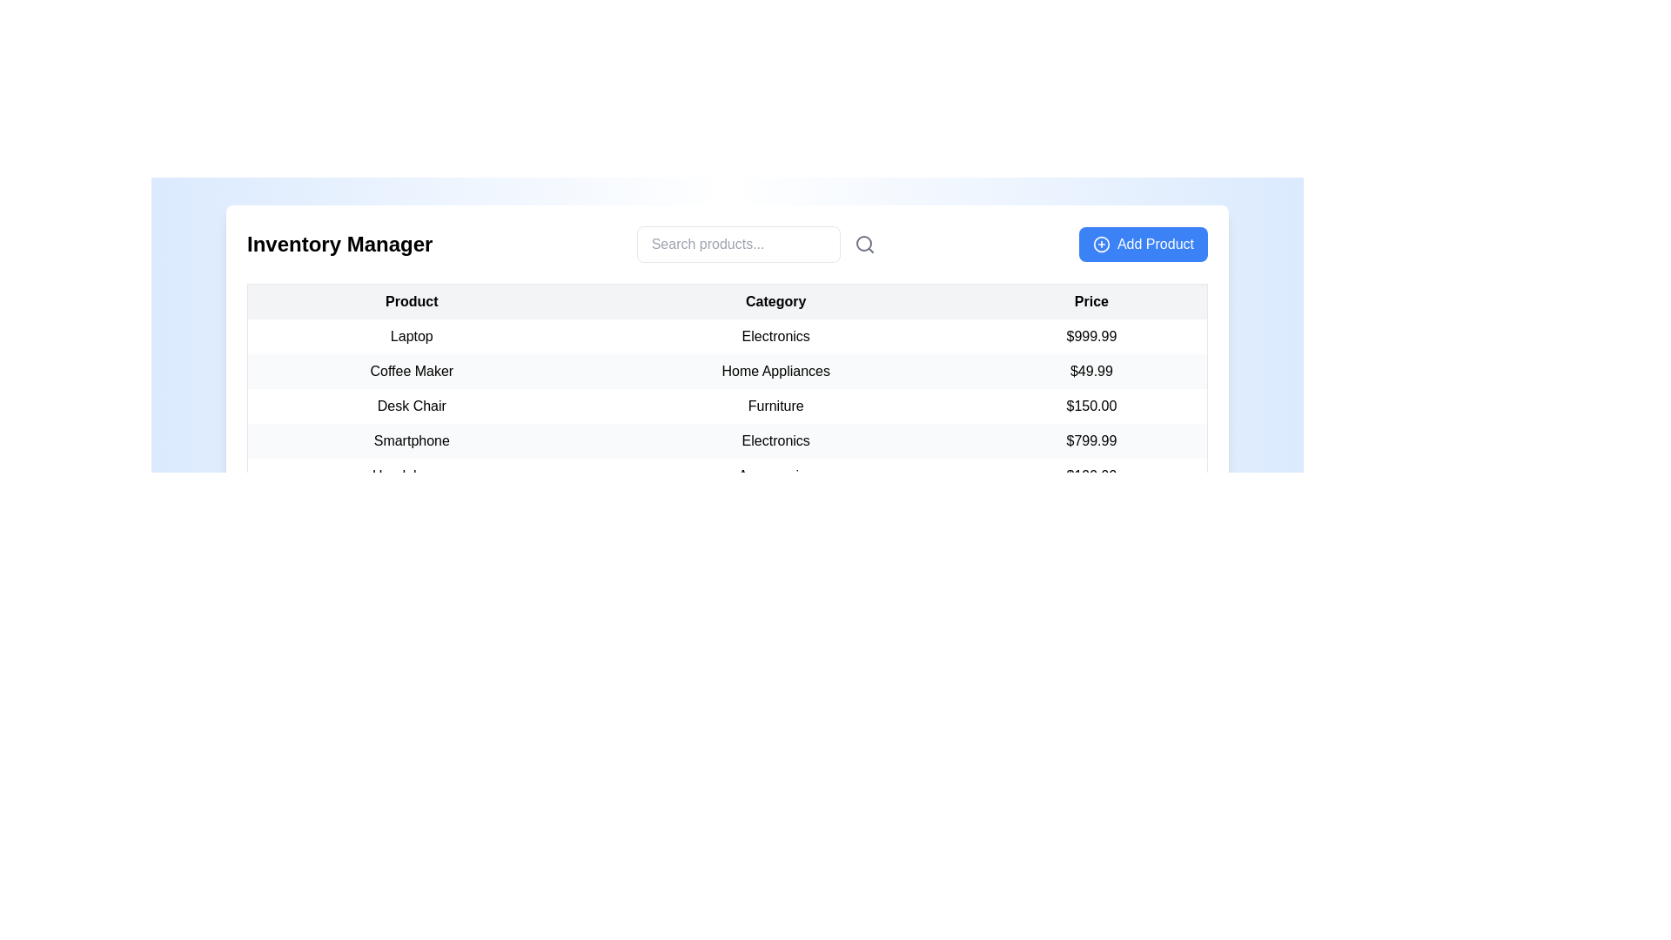  I want to click on the magnifying glass icon located to the immediate right of the 'Search products...' text input field to initiate a search, so click(864, 245).